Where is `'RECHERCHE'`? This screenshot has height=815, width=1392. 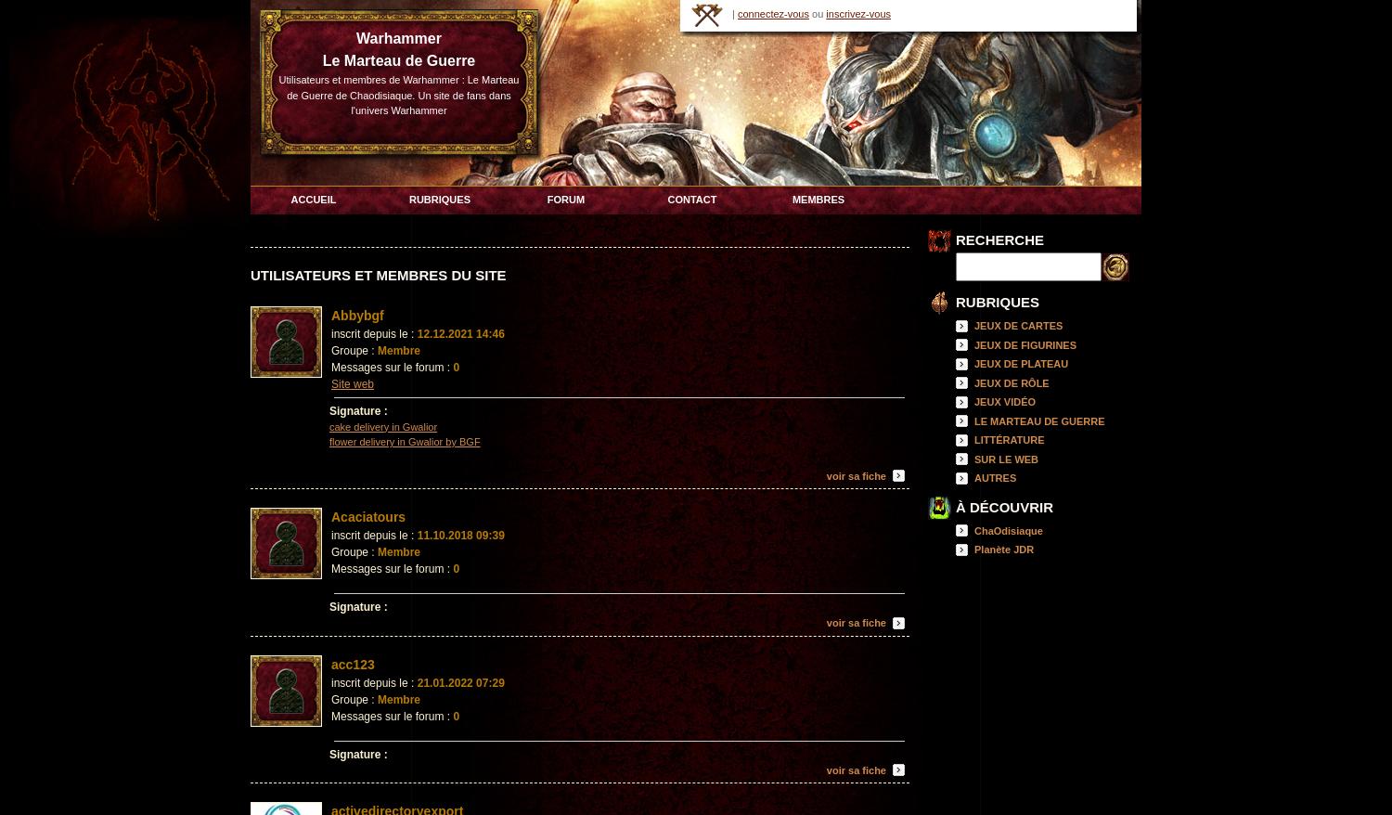 'RECHERCHE' is located at coordinates (999, 239).